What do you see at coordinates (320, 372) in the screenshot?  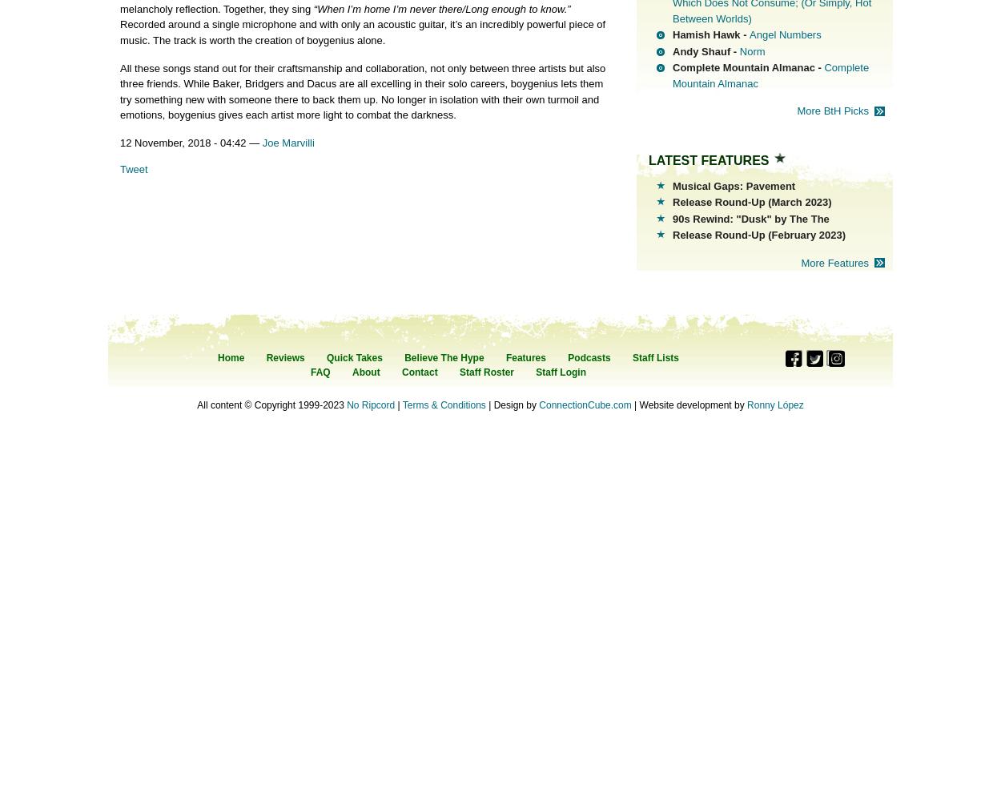 I see `'FAQ'` at bounding box center [320, 372].